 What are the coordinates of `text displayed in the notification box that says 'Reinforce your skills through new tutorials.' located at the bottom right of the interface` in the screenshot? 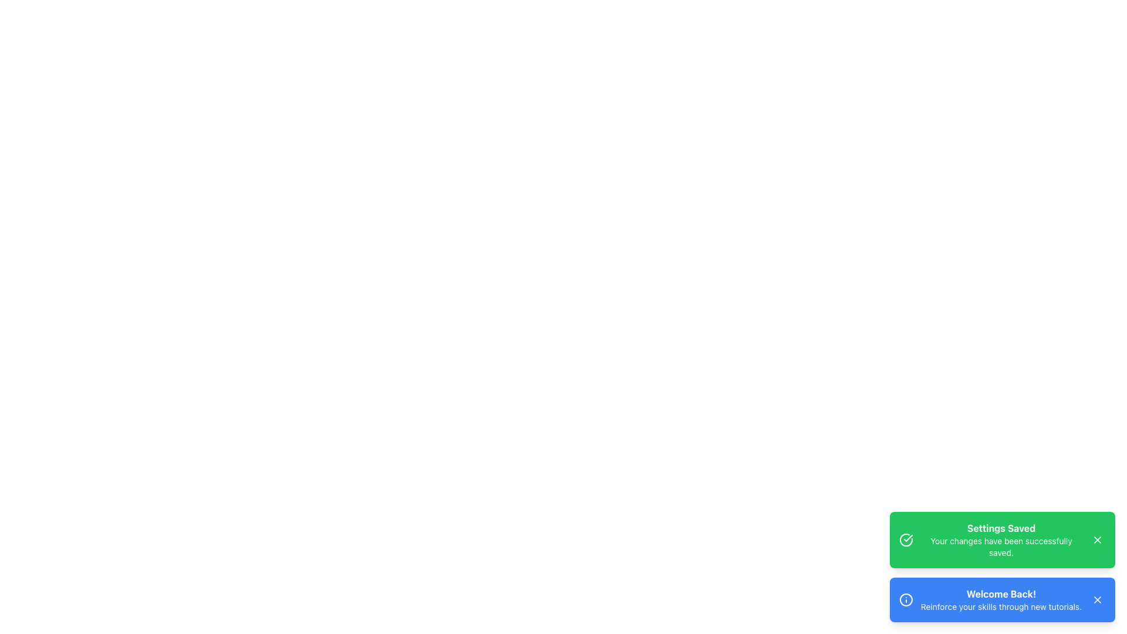 It's located at (1000, 606).